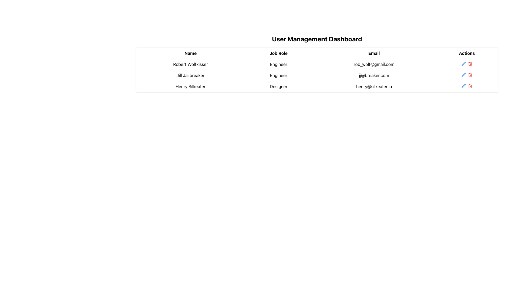 The width and height of the screenshot is (520, 292). Describe the element at coordinates (278, 64) in the screenshot. I see `the text field displaying 'Engineer' located in the user management table, specifically in the second column of the first row, adjacent to 'Robert Wolfkisser' and 'rob_wolf@gmail.com'` at that location.